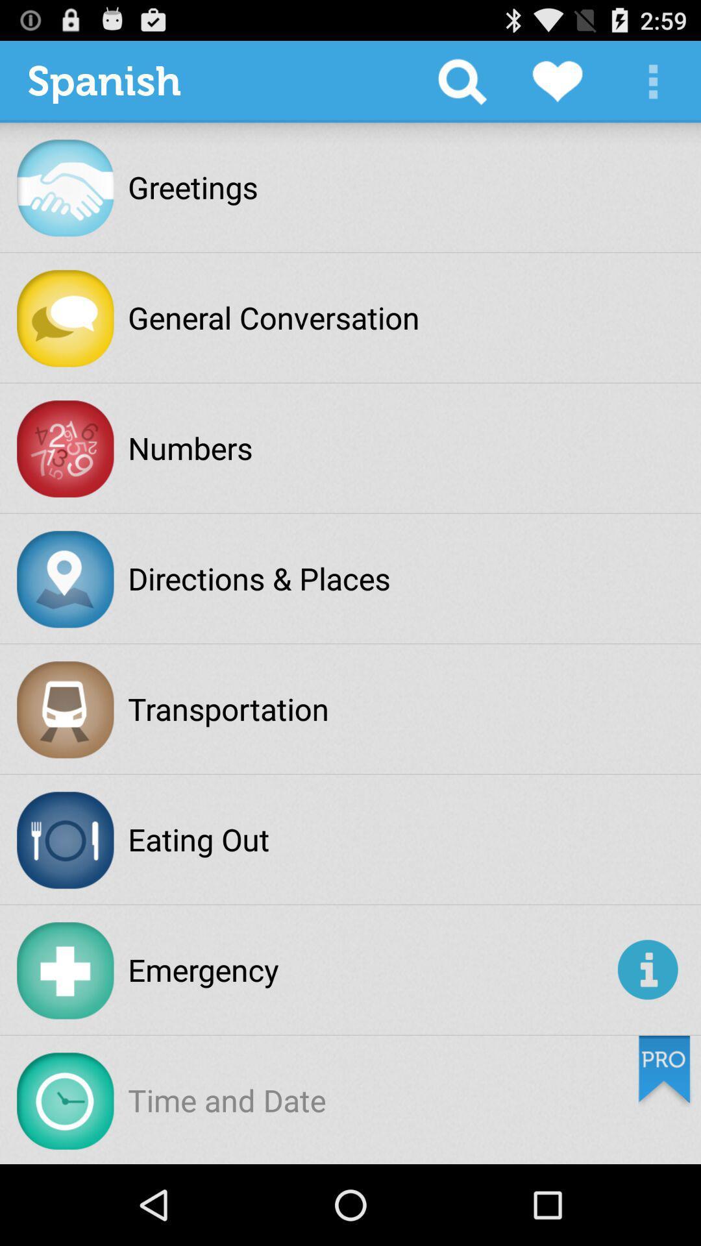 Image resolution: width=701 pixels, height=1246 pixels. Describe the element at coordinates (273, 317) in the screenshot. I see `general conversation` at that location.